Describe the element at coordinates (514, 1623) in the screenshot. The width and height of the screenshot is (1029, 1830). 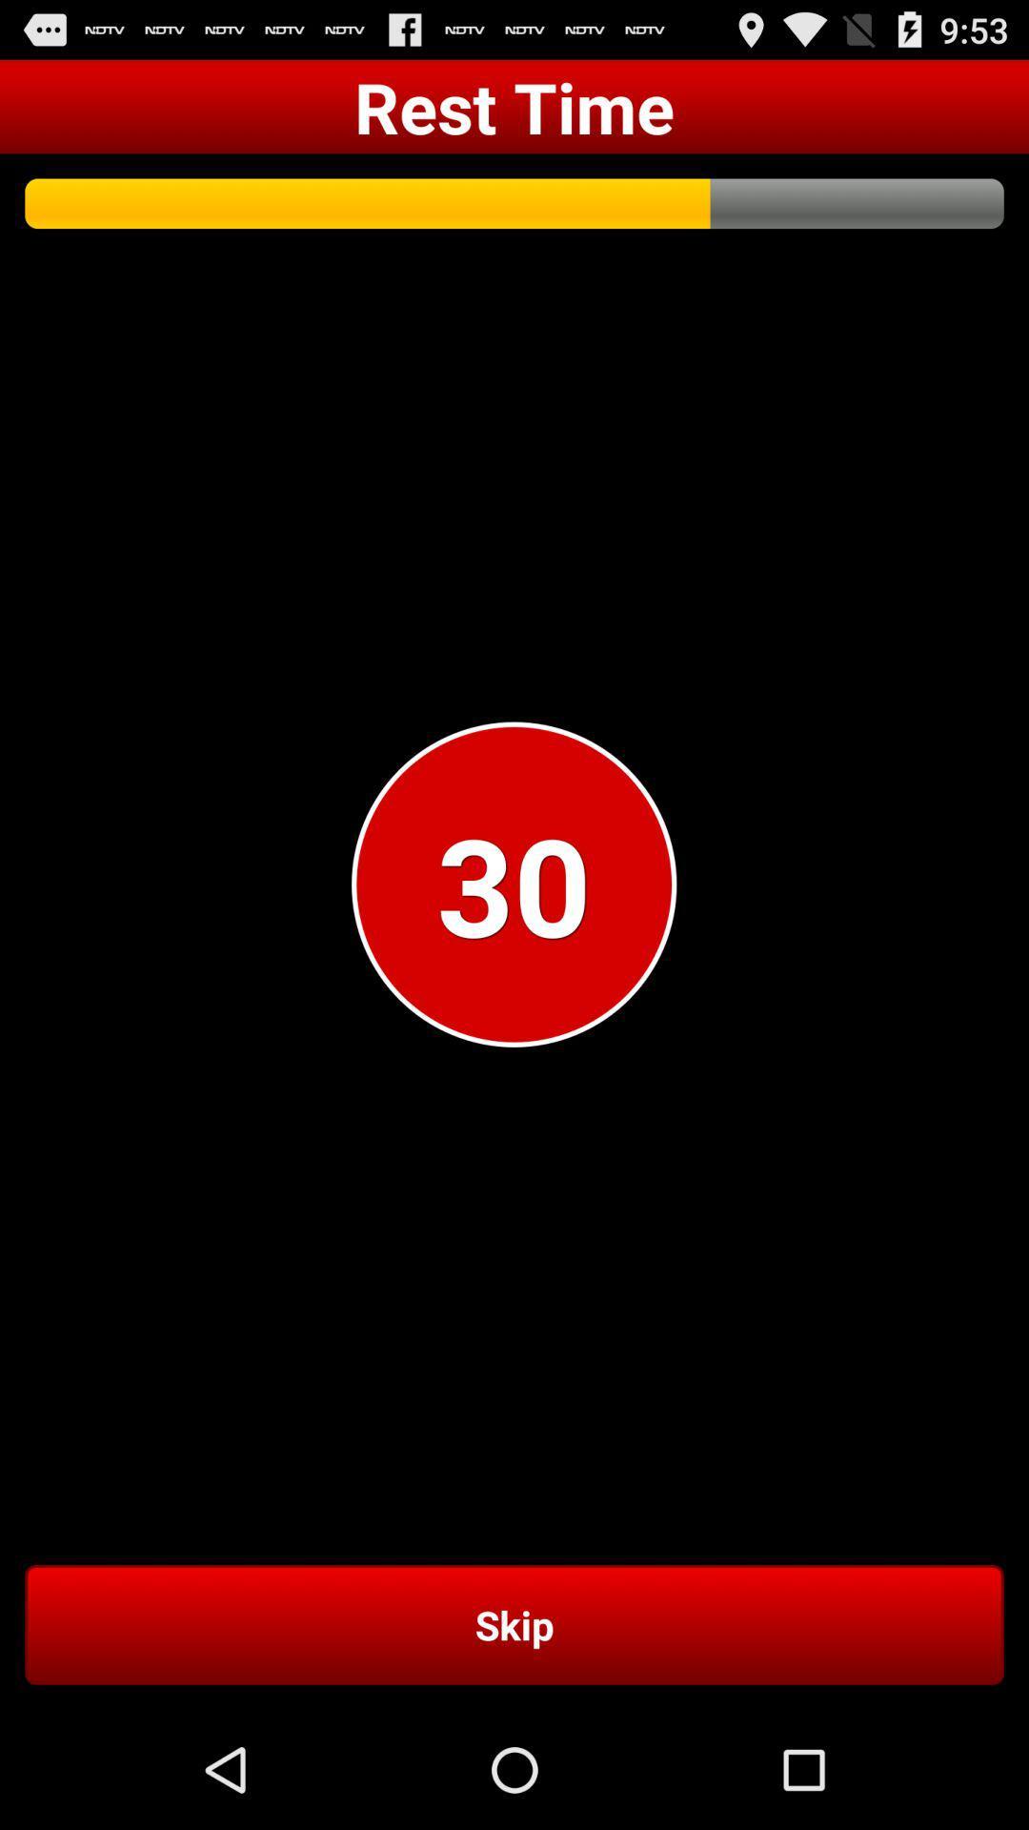
I see `skip at the bottom` at that location.